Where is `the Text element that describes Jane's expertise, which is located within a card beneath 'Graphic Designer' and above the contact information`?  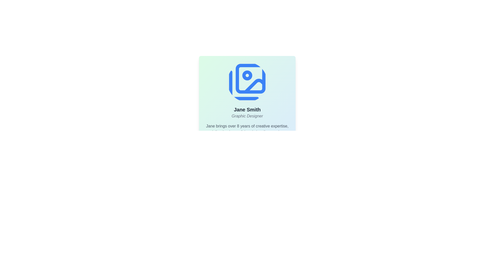
the Text element that describes Jane's expertise, which is located within a card beneath 'Graphic Designer' and above the contact information is located at coordinates (247, 132).